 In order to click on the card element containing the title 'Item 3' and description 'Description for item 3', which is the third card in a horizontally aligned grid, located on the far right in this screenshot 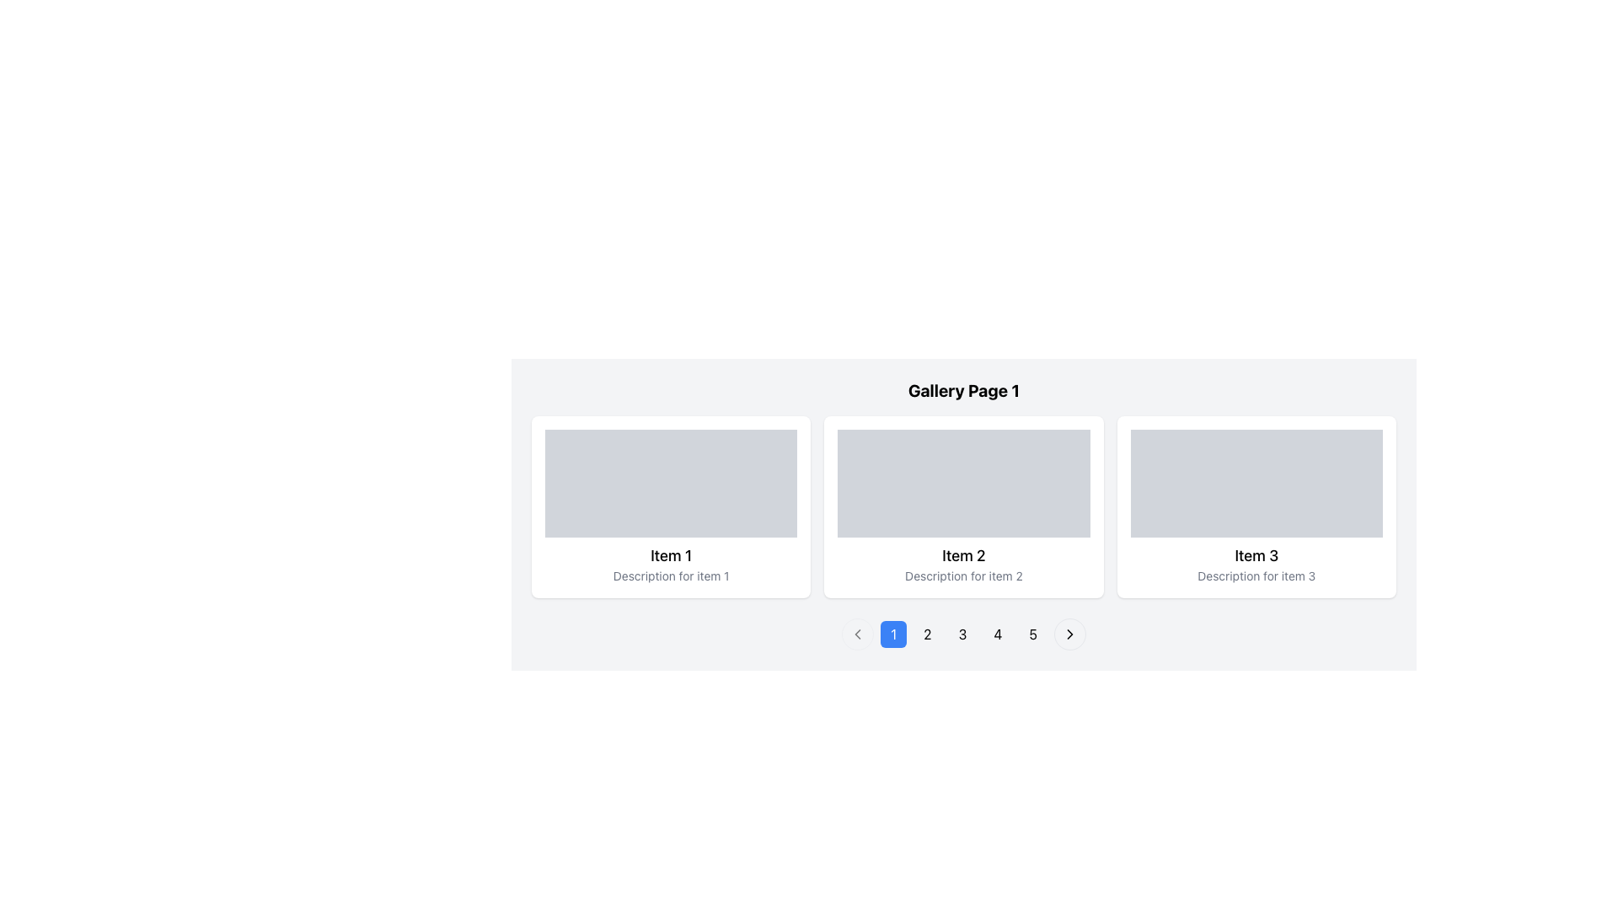, I will do `click(1256, 506)`.